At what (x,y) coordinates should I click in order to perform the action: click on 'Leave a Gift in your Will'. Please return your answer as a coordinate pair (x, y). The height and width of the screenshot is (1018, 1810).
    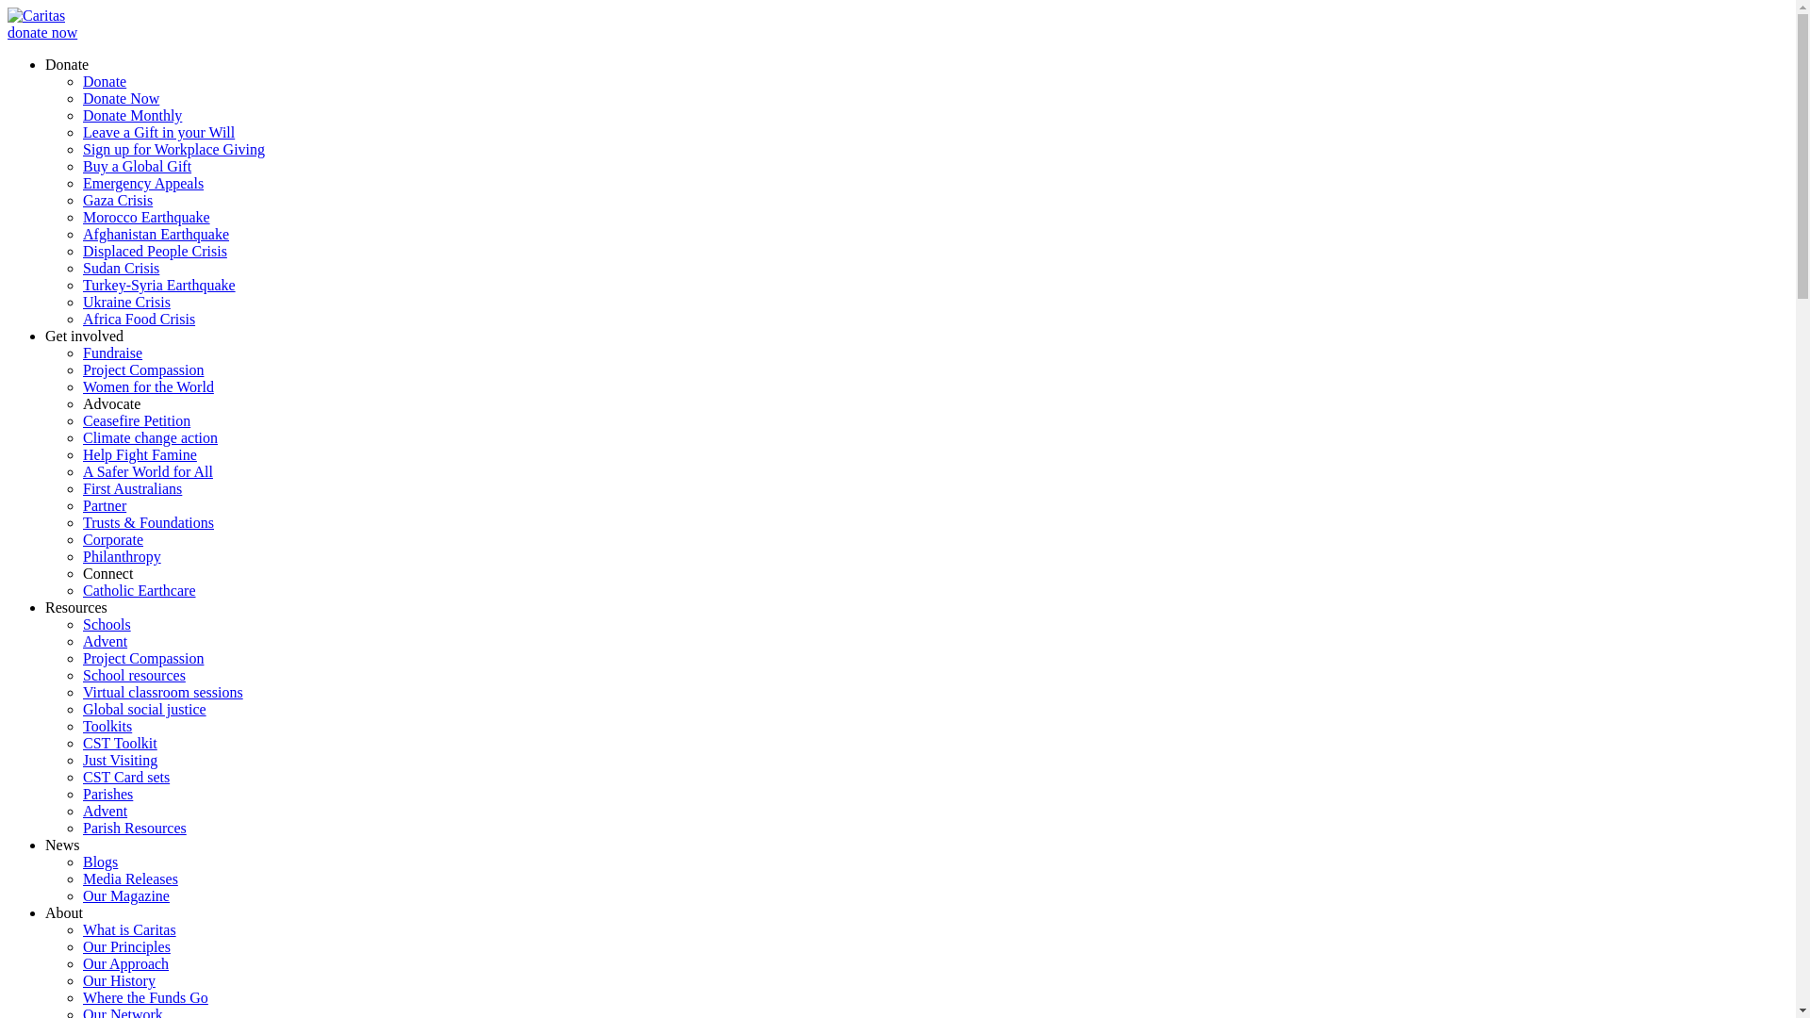
    Looking at the image, I should click on (158, 131).